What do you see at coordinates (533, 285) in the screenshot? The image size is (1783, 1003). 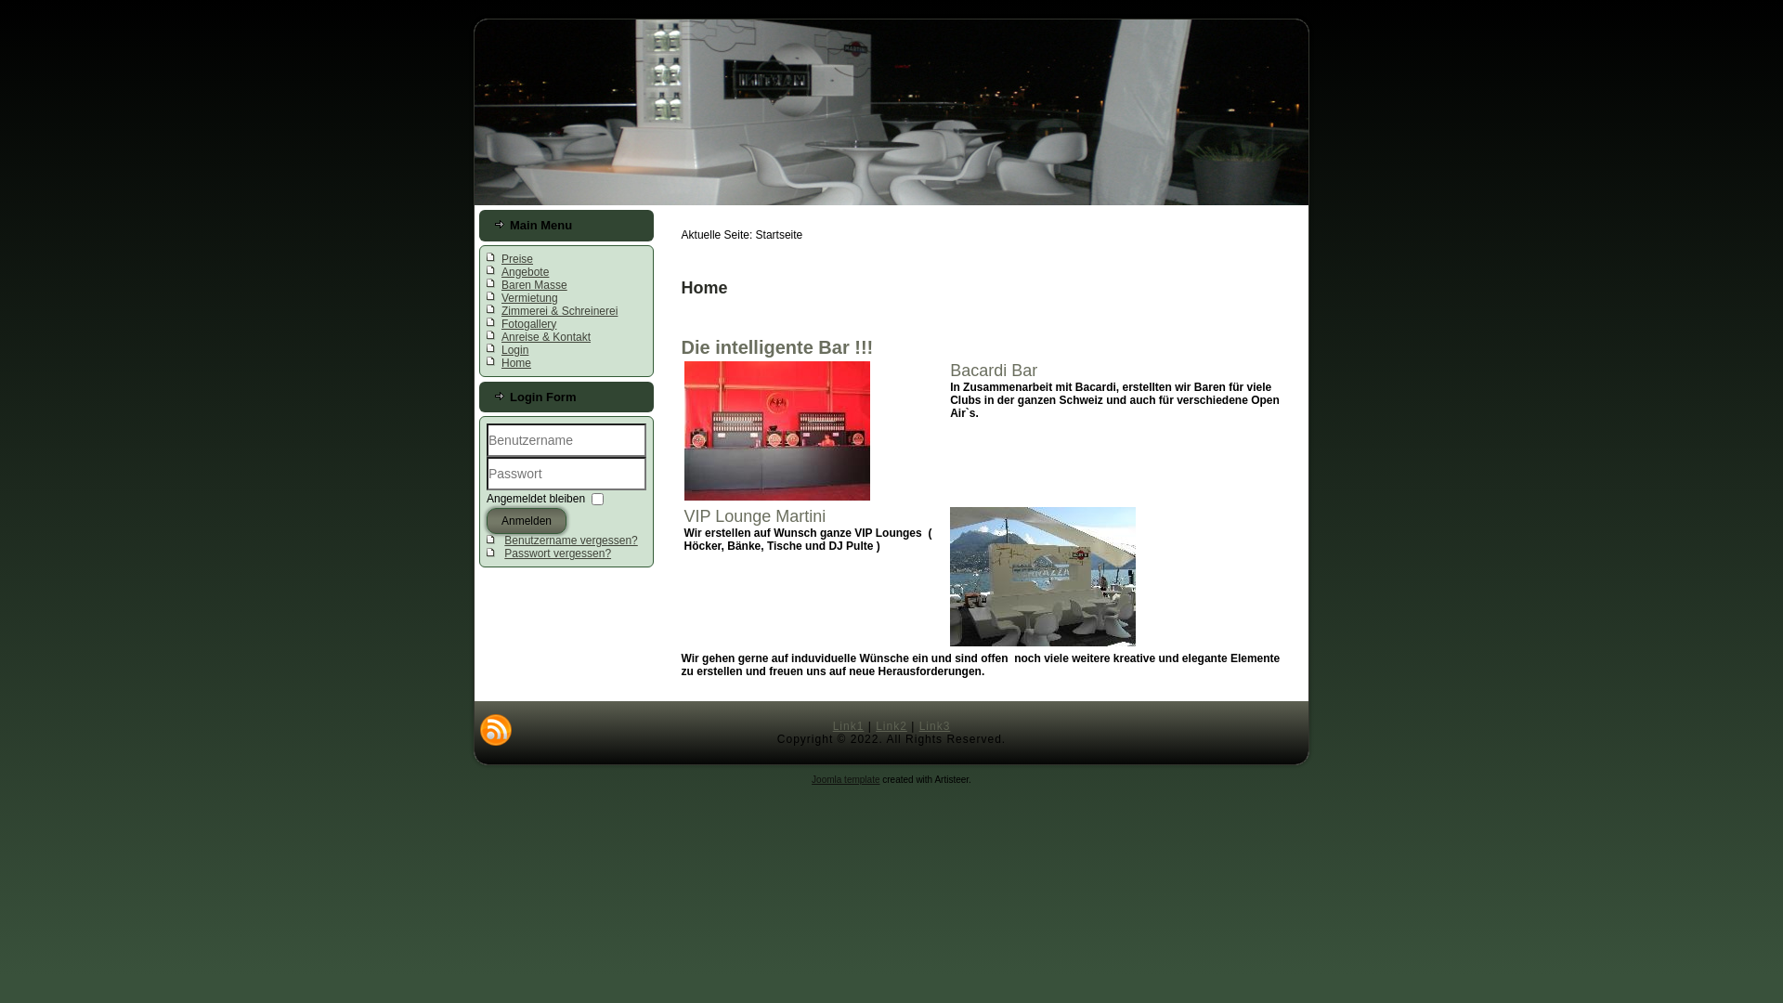 I see `'Baren Masse'` at bounding box center [533, 285].